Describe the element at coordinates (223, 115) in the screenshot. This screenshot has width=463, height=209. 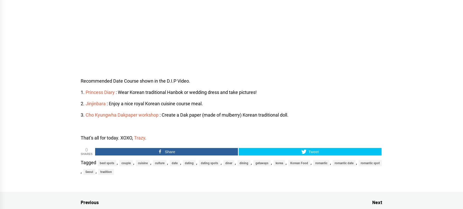
I see `': Create a Dak paper (made of mulberry) Korean traditional doll.'` at that location.